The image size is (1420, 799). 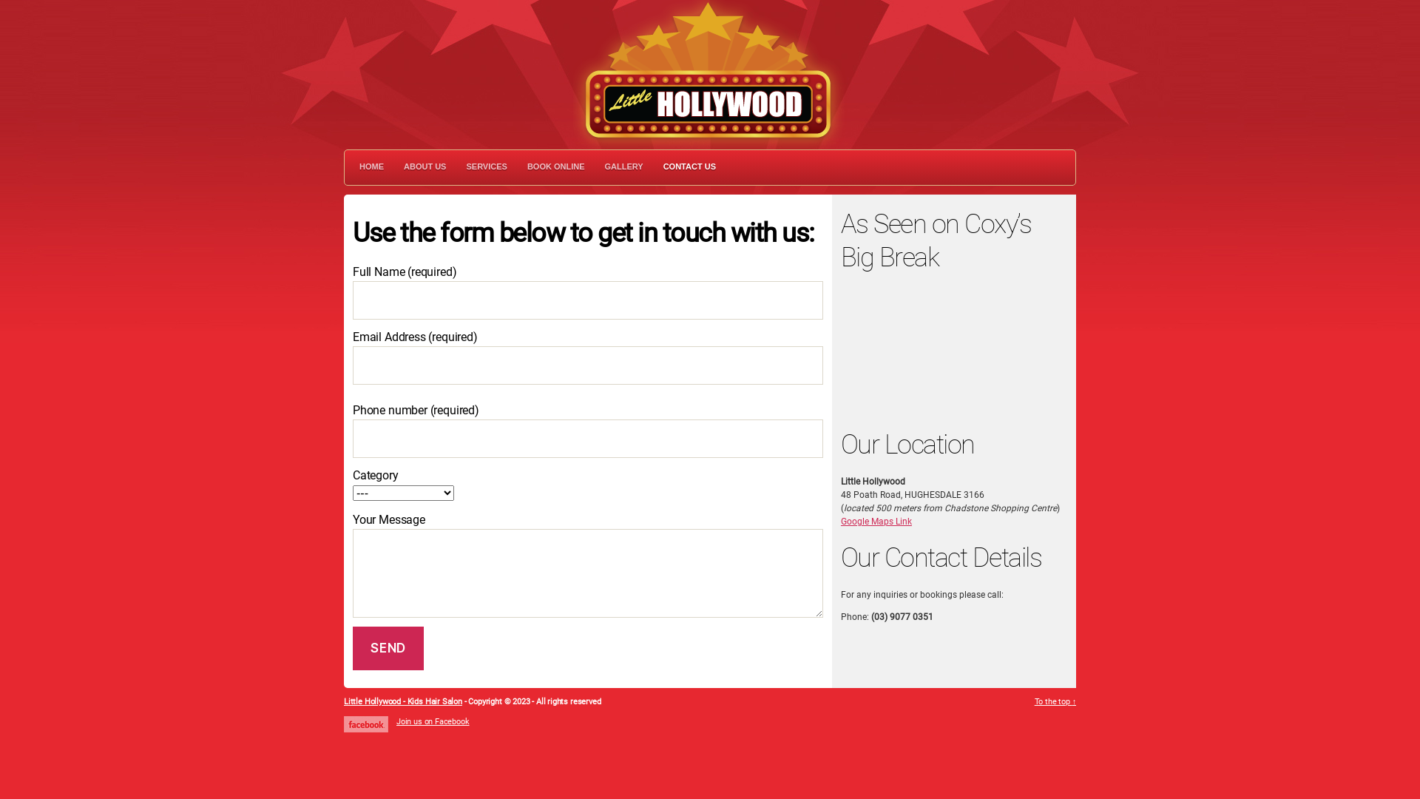 I want to click on 'GALLERY', so click(x=604, y=166).